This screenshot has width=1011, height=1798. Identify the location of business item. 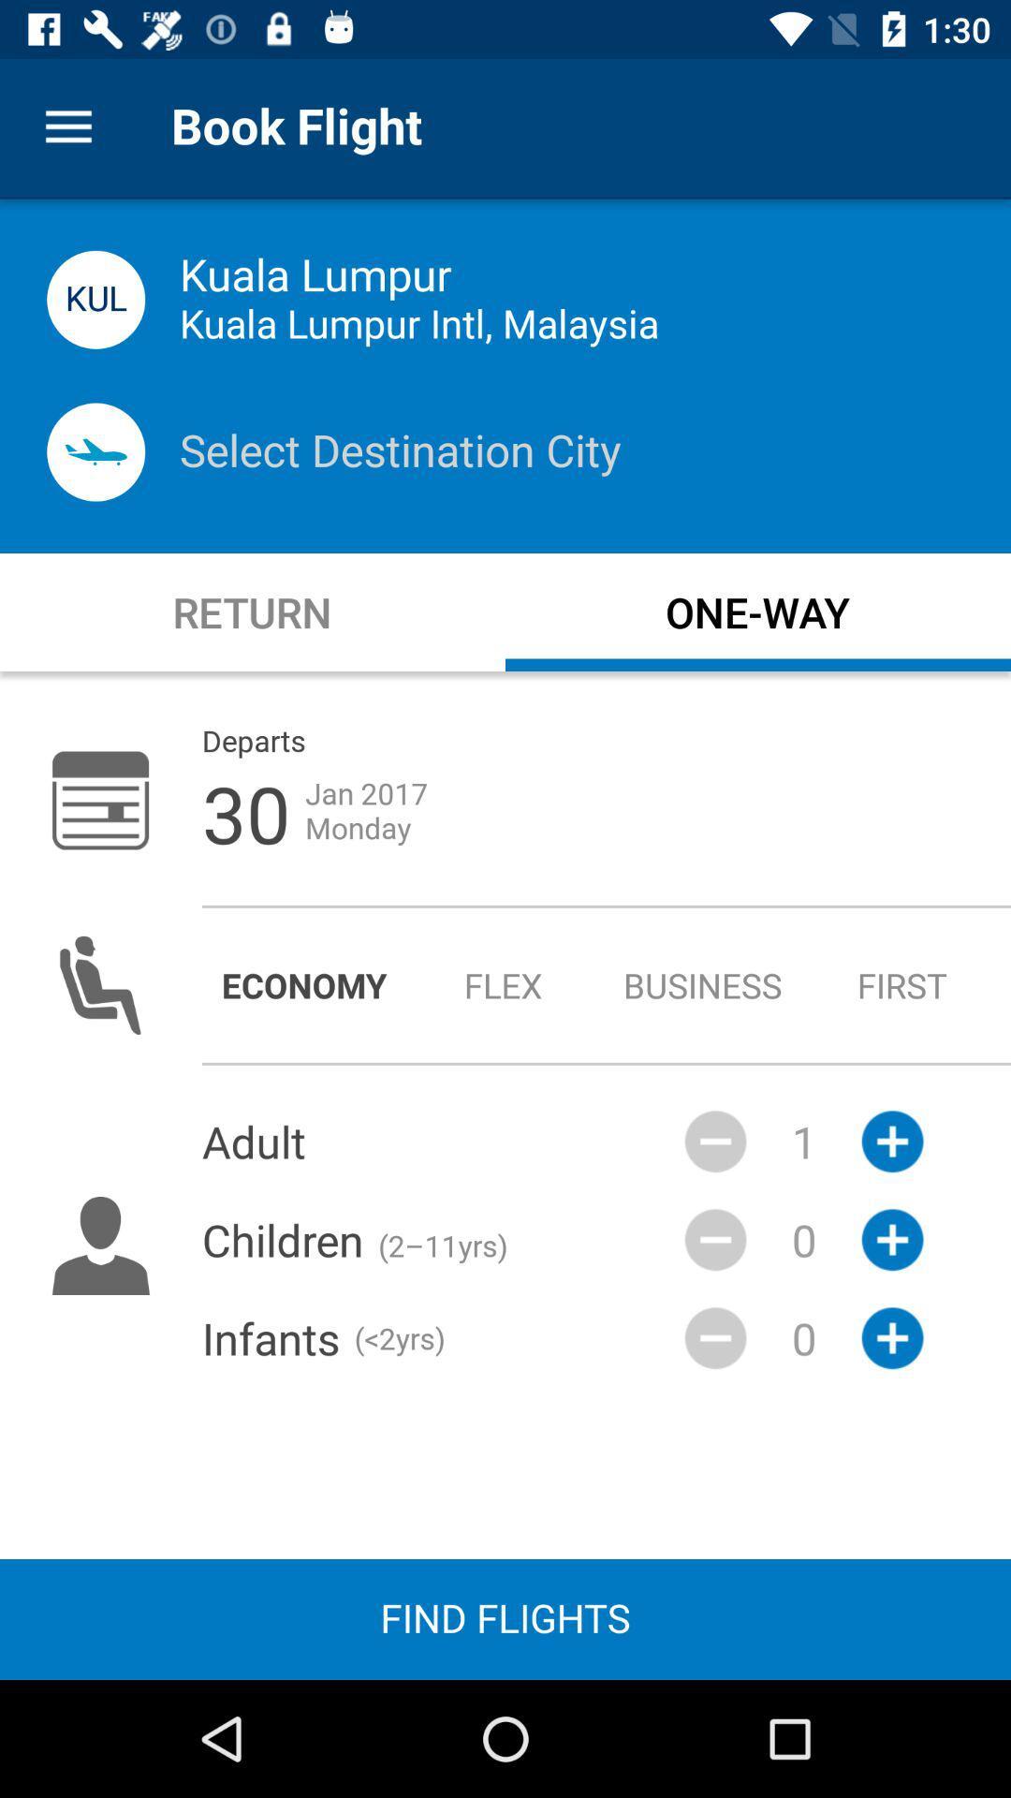
(703, 984).